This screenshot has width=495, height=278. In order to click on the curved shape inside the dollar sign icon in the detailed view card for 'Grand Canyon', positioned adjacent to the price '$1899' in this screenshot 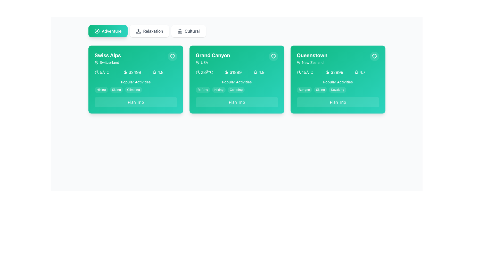, I will do `click(226, 72)`.